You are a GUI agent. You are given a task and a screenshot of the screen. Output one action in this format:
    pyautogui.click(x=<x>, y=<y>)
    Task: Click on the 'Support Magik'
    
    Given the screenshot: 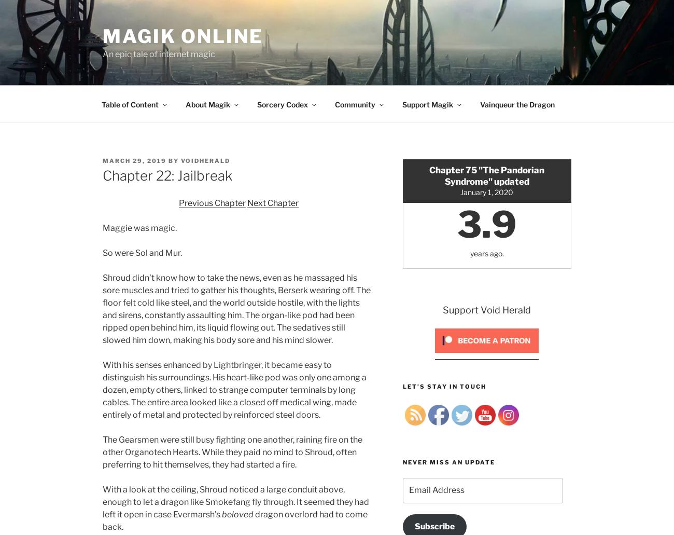 What is the action you would take?
    pyautogui.click(x=427, y=103)
    